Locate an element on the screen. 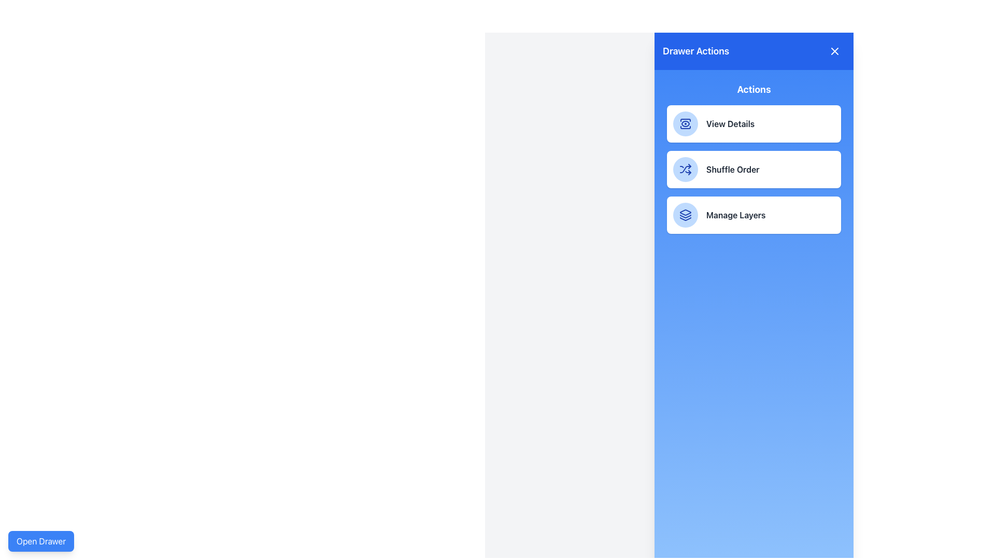 This screenshot has width=995, height=560. the close button located at the top-right corner of the blue panel titled 'Drawer Actions' is located at coordinates (835, 51).